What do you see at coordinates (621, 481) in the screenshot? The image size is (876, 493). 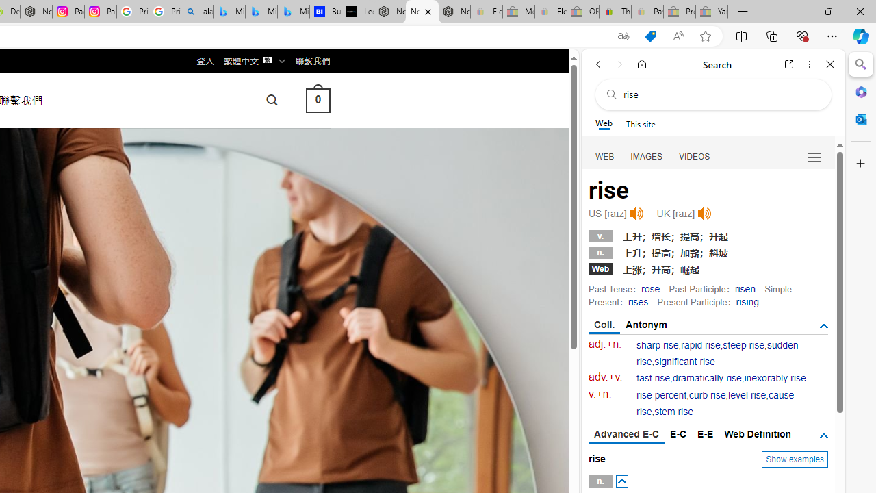 I see `'AutomationID: posbtn_0'` at bounding box center [621, 481].